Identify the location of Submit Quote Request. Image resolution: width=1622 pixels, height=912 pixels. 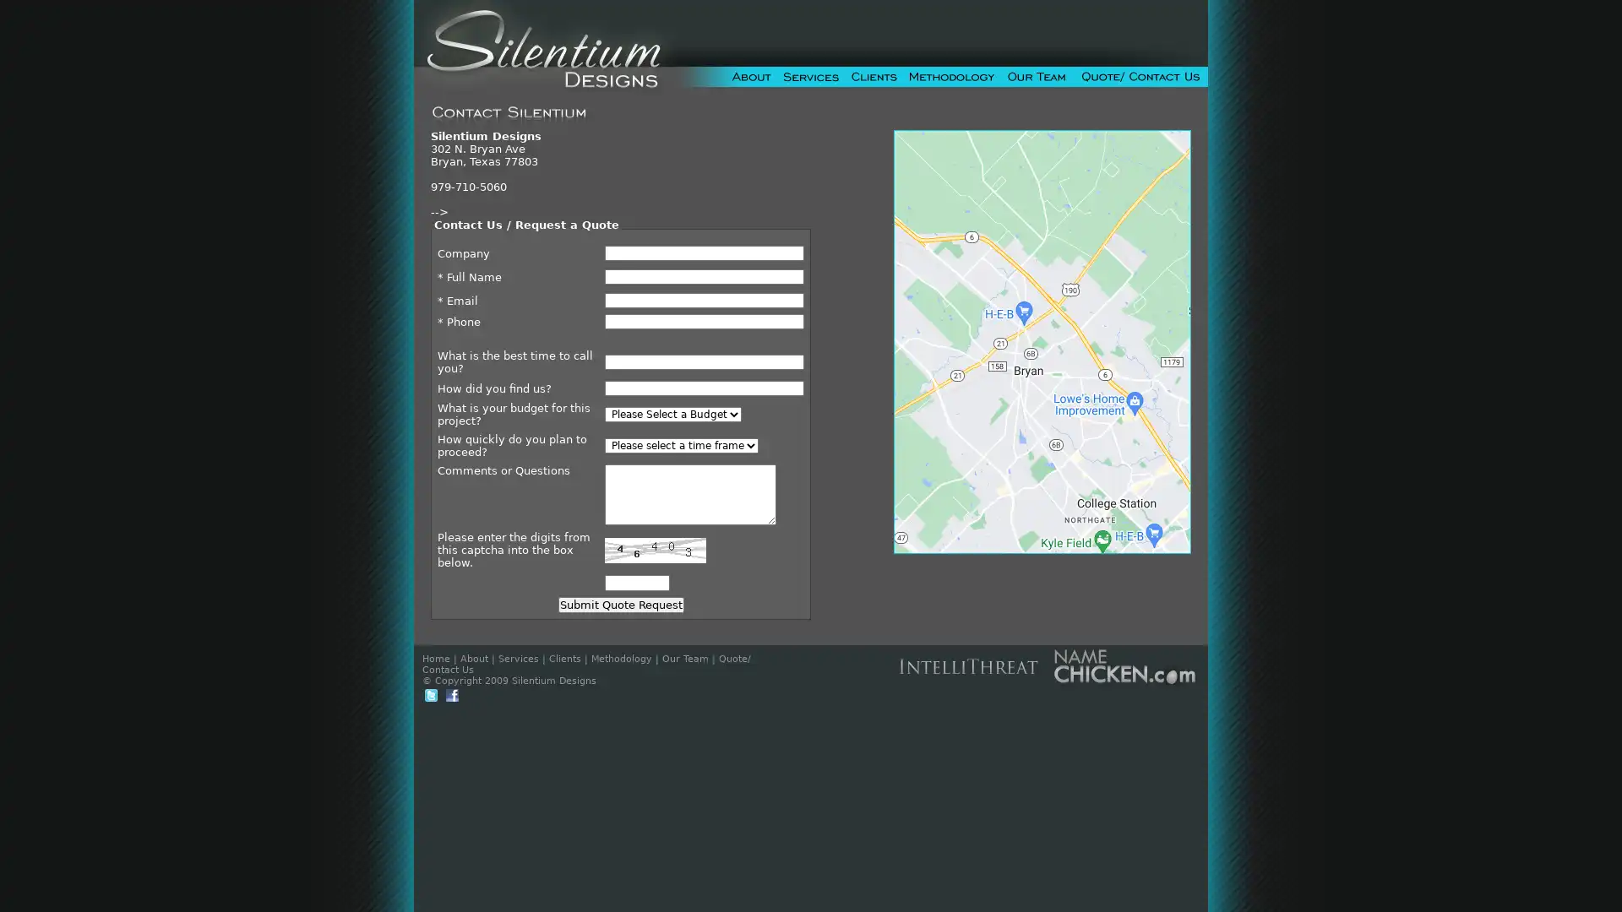
(619, 604).